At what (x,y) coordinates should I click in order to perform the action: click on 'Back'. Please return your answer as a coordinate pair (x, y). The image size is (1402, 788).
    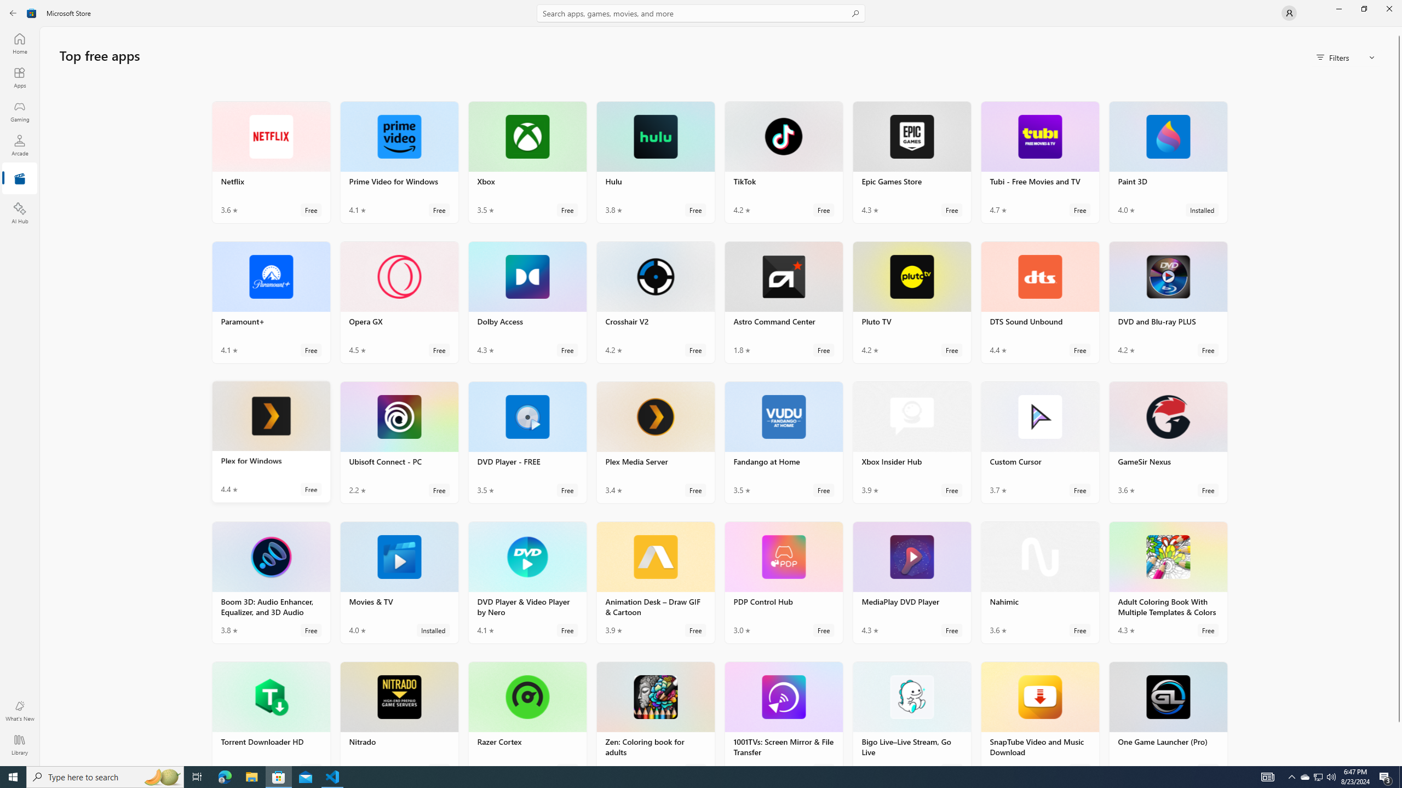
    Looking at the image, I should click on (13, 12).